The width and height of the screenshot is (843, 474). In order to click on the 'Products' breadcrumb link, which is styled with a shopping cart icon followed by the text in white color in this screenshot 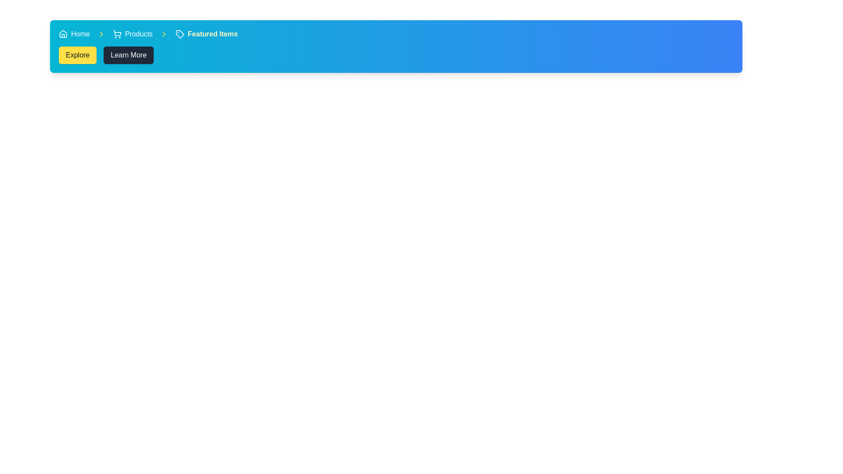, I will do `click(132, 33)`.